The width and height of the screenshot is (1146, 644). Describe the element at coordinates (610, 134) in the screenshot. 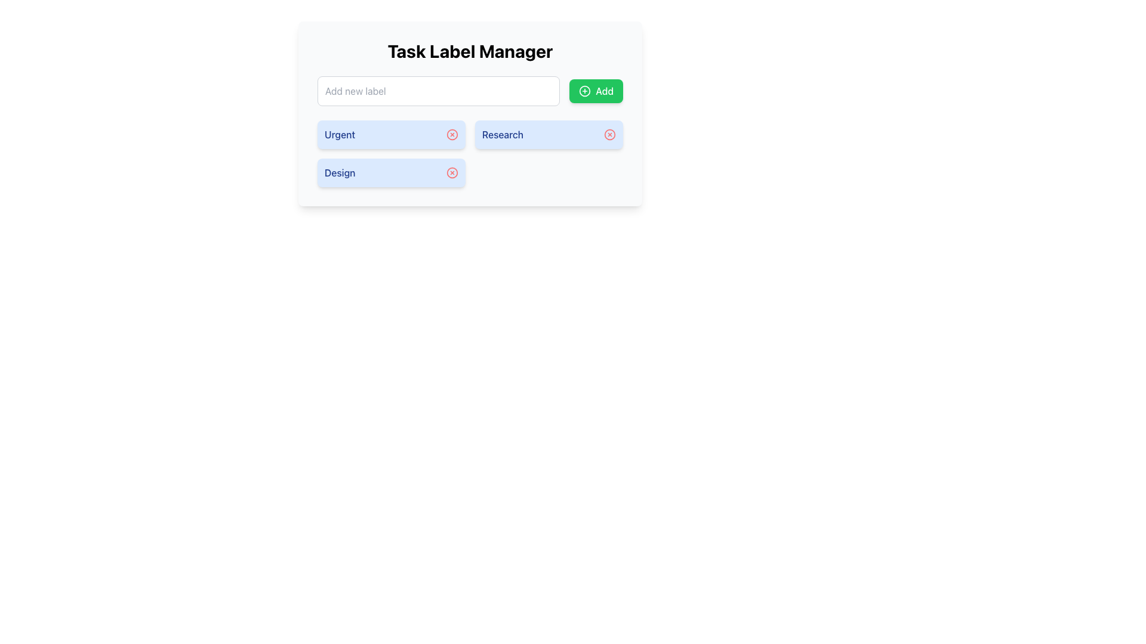

I see `the circular graphical element representing the delete action in the 'Research' label section, located to the far right of the label` at that location.